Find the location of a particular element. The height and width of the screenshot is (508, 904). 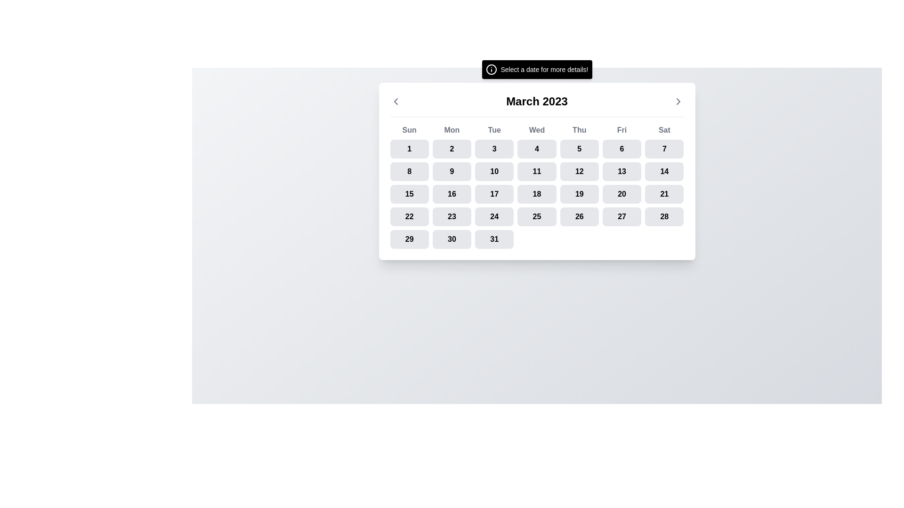

the date '14' button in the bottom-right corner of the calendar grid is located at coordinates (664, 172).